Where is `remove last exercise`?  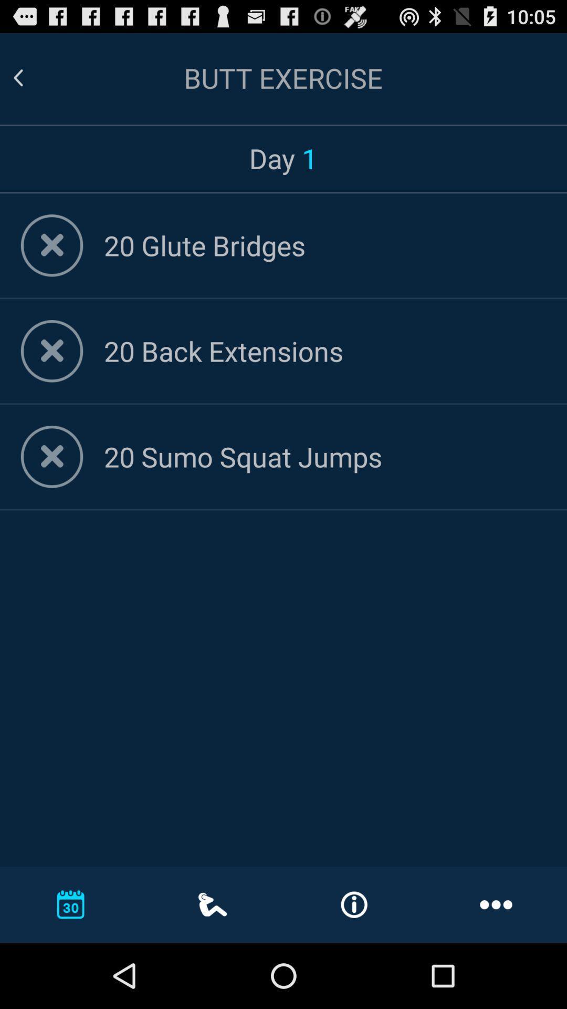
remove last exercise is located at coordinates (52, 457).